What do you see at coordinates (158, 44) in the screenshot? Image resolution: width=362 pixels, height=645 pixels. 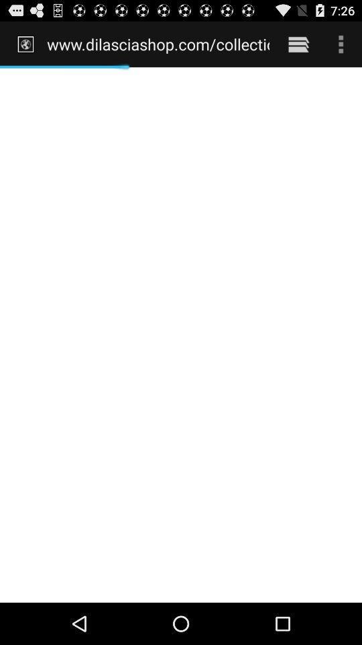 I see `the www dilasciashop com icon` at bounding box center [158, 44].